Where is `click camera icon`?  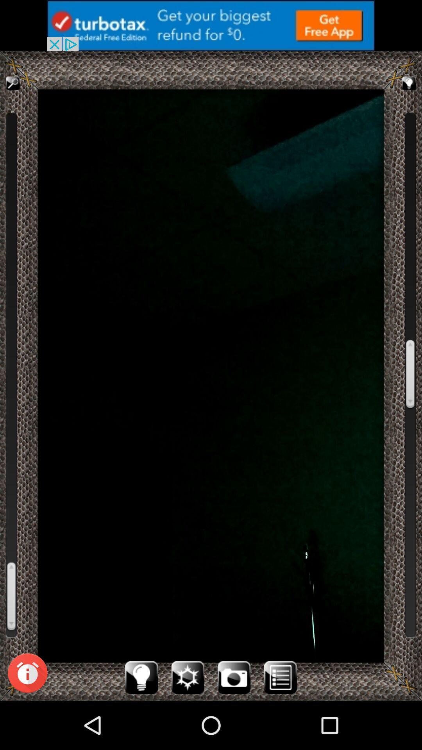
click camera icon is located at coordinates (234, 677).